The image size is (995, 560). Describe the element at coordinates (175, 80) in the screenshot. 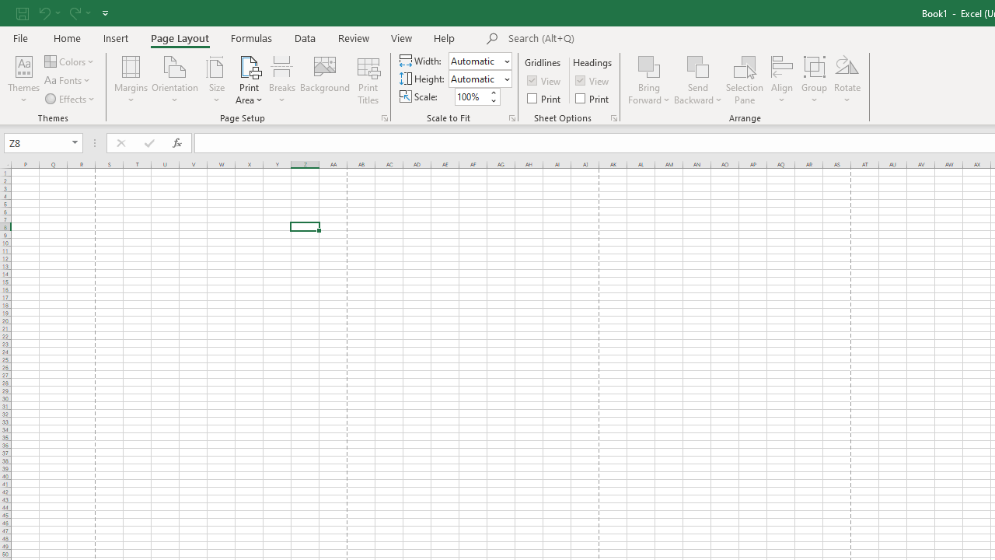

I see `'Orientation'` at that location.